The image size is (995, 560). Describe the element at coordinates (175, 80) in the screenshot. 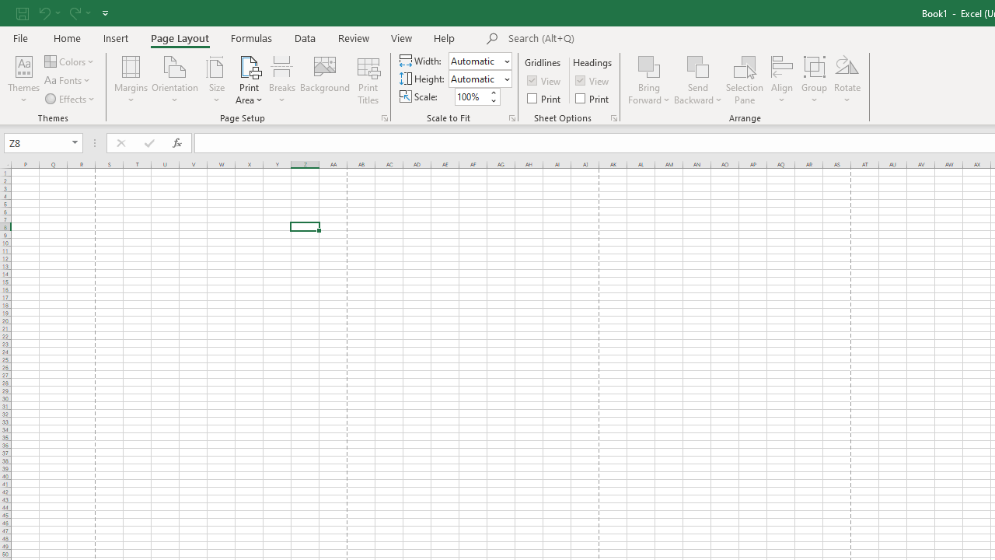

I see `'Orientation'` at that location.